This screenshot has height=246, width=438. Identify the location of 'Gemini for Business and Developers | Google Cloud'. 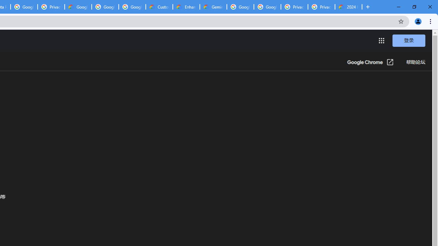
(213, 7).